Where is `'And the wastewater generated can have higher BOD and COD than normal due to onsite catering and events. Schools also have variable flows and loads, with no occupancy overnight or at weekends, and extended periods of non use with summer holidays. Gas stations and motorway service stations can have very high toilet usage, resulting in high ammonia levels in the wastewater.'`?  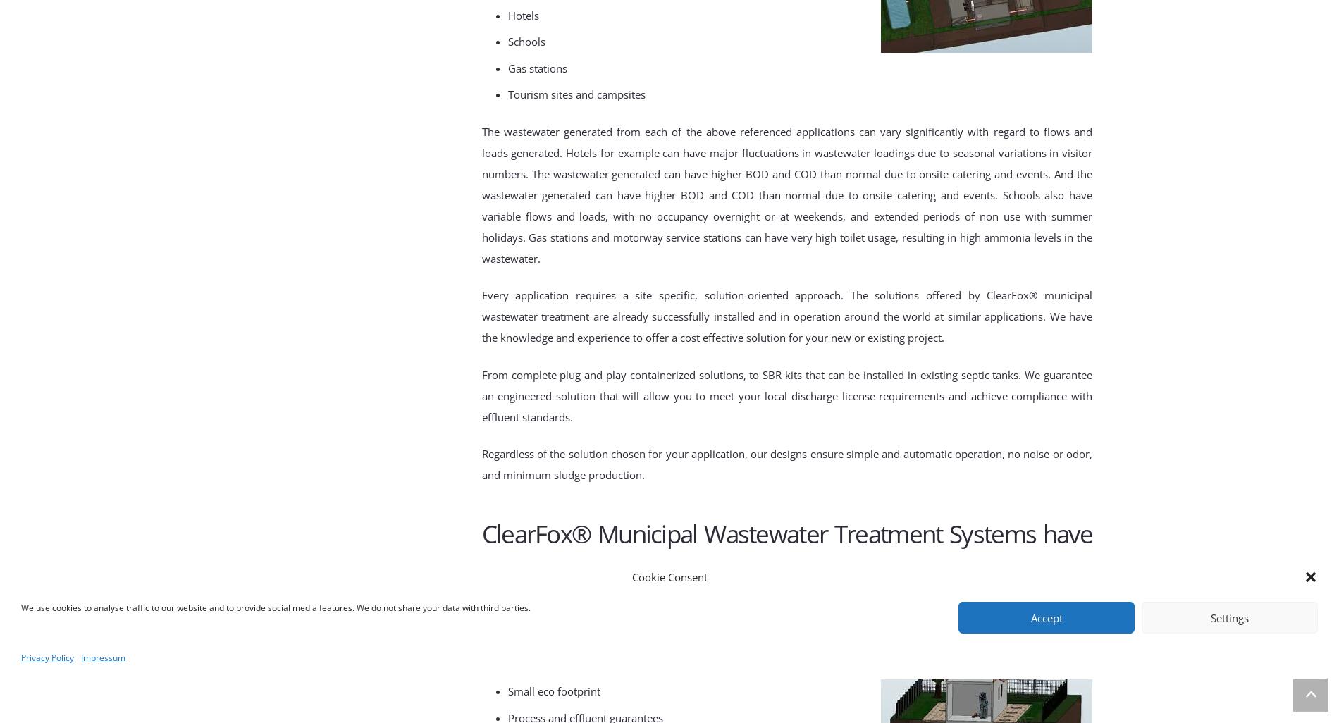 'And the wastewater generated can have higher BOD and COD than normal due to onsite catering and events. Schools also have variable flows and loads, with no occupancy overnight or at weekends, and extended periods of non use with summer holidays. Gas stations and motorway service stations can have very high toilet usage, resulting in high ammonia levels in the wastewater.' is located at coordinates (786, 214).